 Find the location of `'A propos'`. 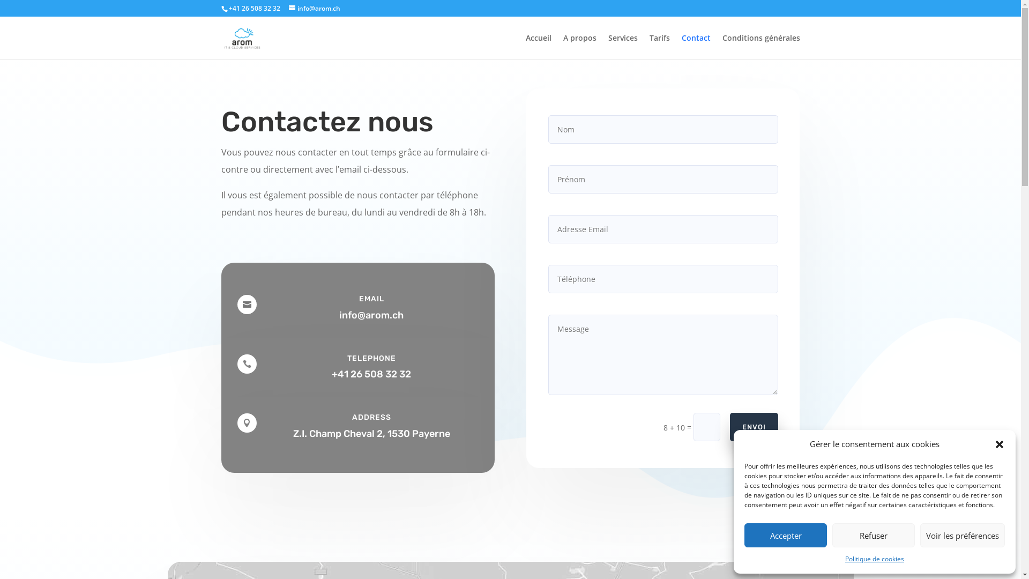

'A propos' is located at coordinates (578, 46).